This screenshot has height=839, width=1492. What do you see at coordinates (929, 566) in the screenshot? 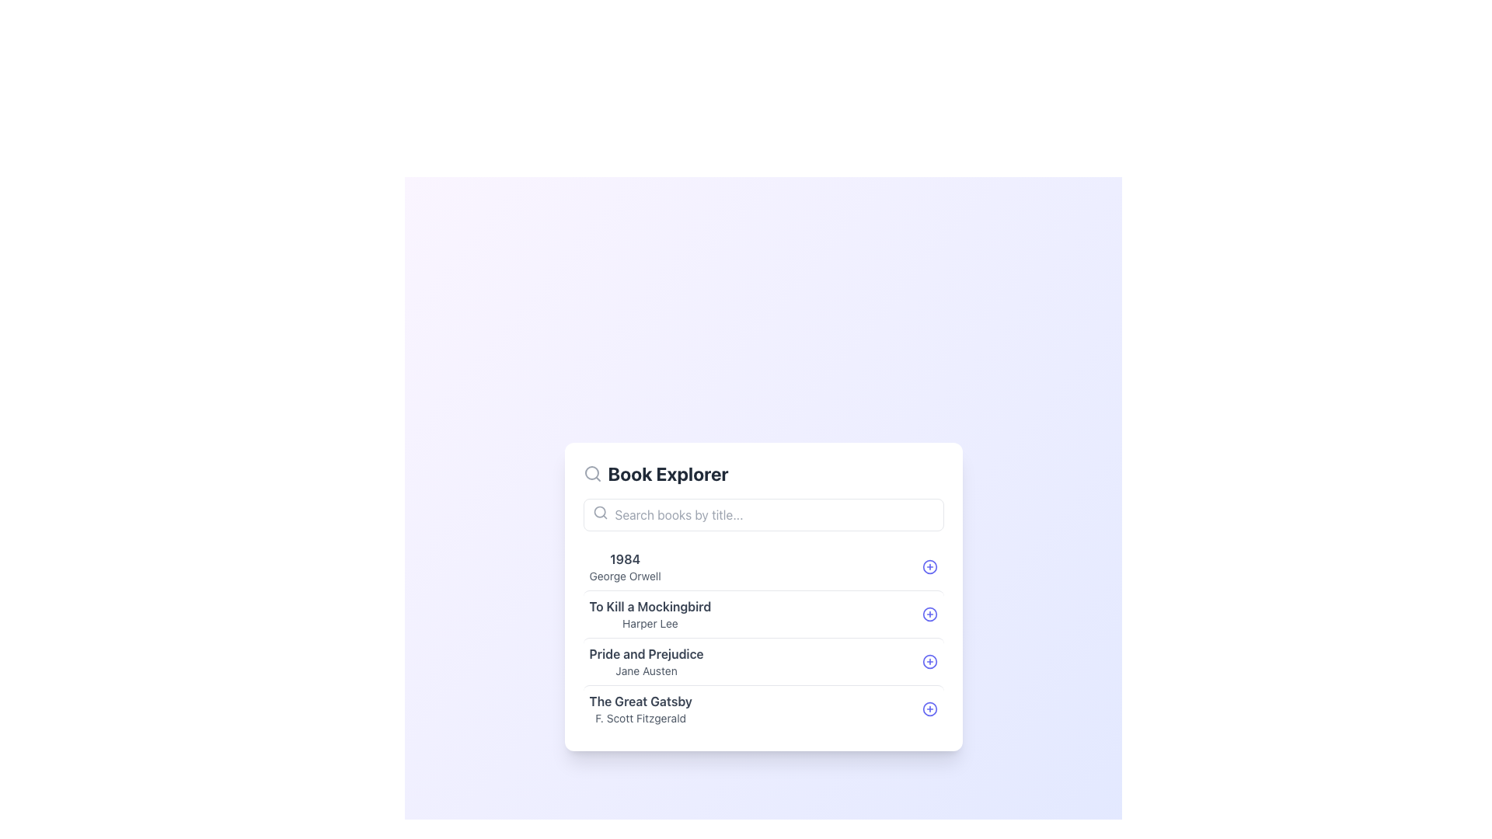
I see `the circular outline of the icon representing an action adjacent to the text '1984' in the book list` at bounding box center [929, 566].